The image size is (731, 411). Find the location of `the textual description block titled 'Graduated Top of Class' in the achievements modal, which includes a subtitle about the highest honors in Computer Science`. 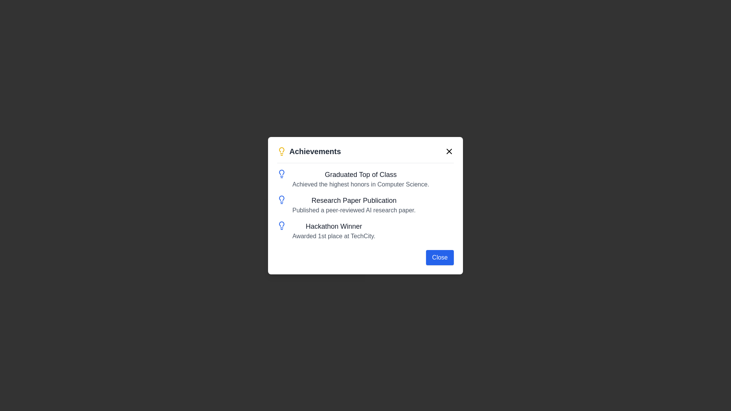

the textual description block titled 'Graduated Top of Class' in the achievements modal, which includes a subtitle about the highest honors in Computer Science is located at coordinates (360, 179).